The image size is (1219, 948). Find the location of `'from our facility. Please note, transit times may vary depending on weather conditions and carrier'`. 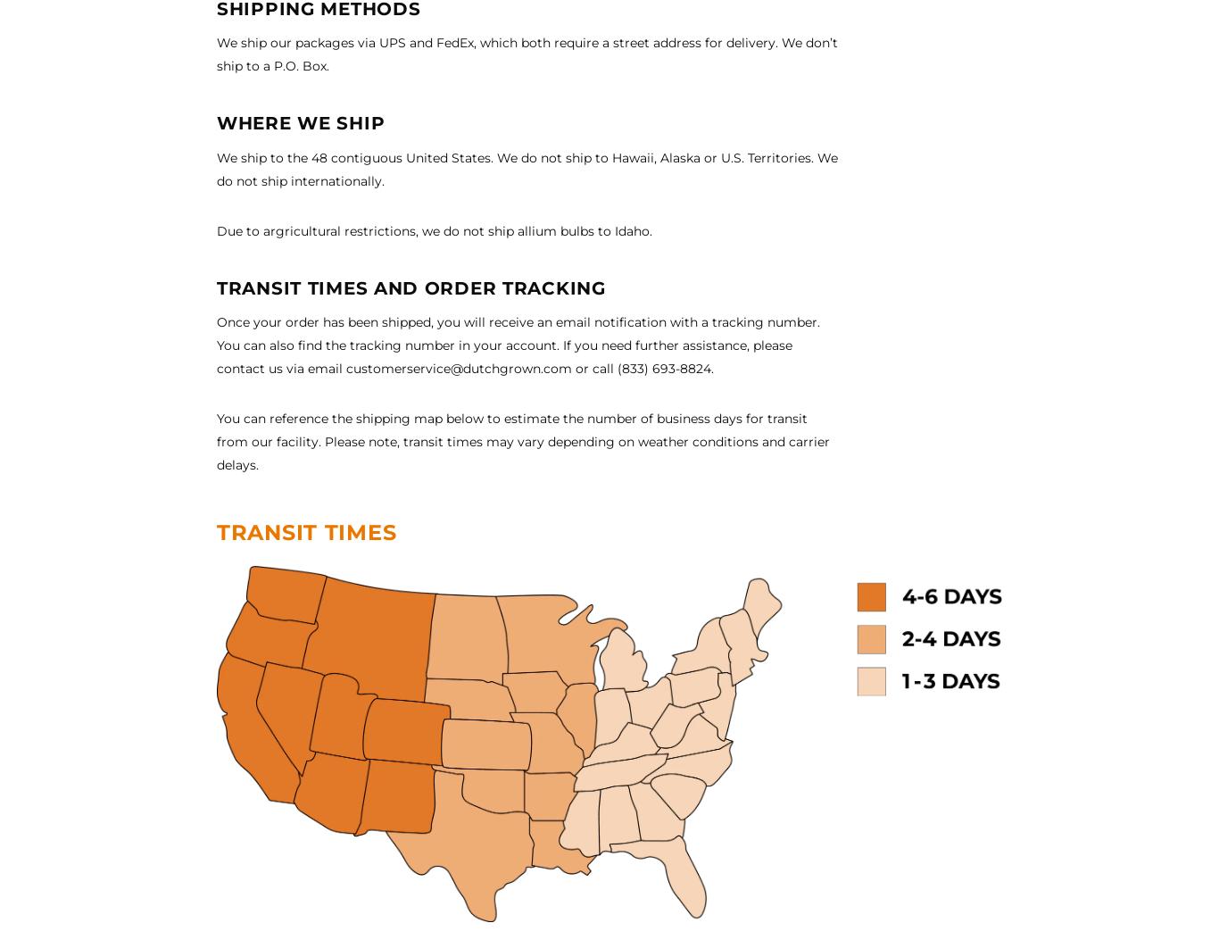

'from our facility. Please note, transit times may vary depending on weather conditions and carrier' is located at coordinates (522, 440).